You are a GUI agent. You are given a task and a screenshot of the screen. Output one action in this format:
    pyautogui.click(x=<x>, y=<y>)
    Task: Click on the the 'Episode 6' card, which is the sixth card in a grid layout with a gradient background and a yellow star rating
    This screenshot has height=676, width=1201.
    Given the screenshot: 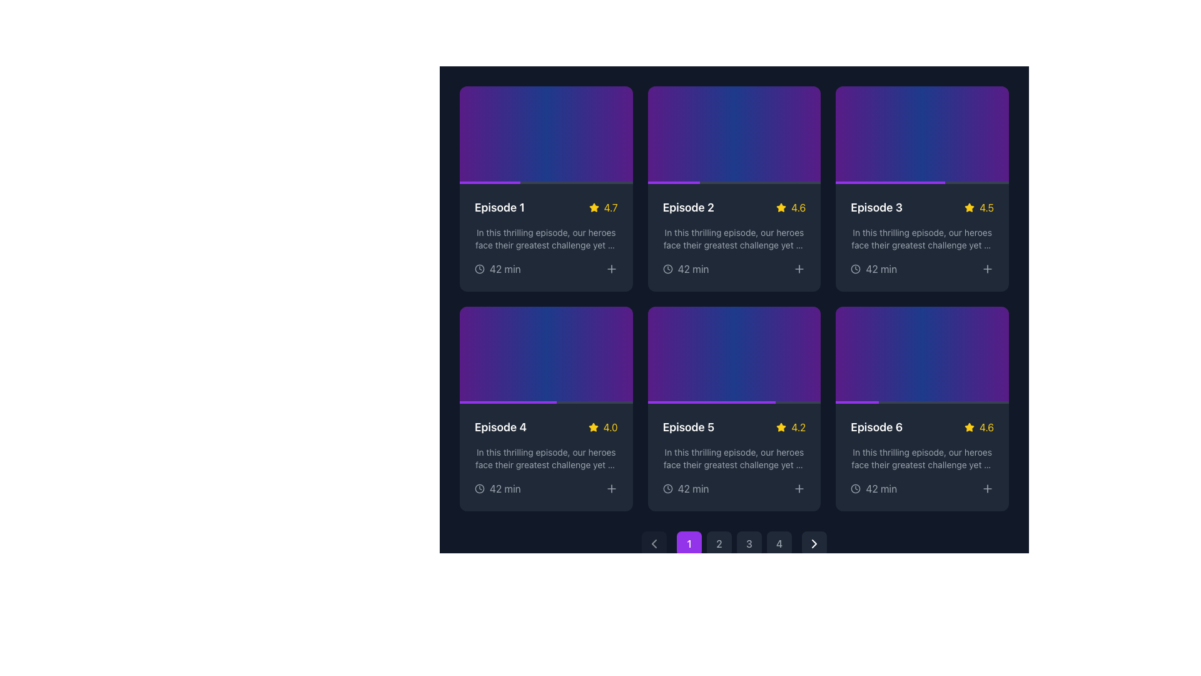 What is the action you would take?
    pyautogui.click(x=922, y=409)
    